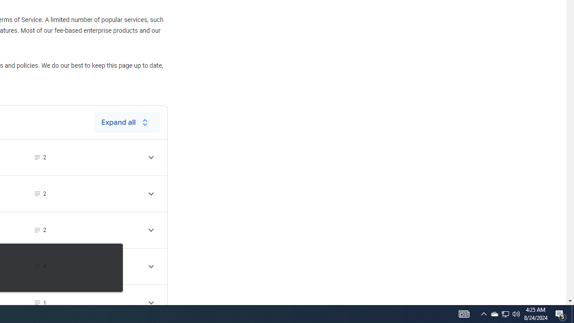 The width and height of the screenshot is (574, 323). What do you see at coordinates (126, 122) in the screenshot?
I see `'Expand all'` at bounding box center [126, 122].